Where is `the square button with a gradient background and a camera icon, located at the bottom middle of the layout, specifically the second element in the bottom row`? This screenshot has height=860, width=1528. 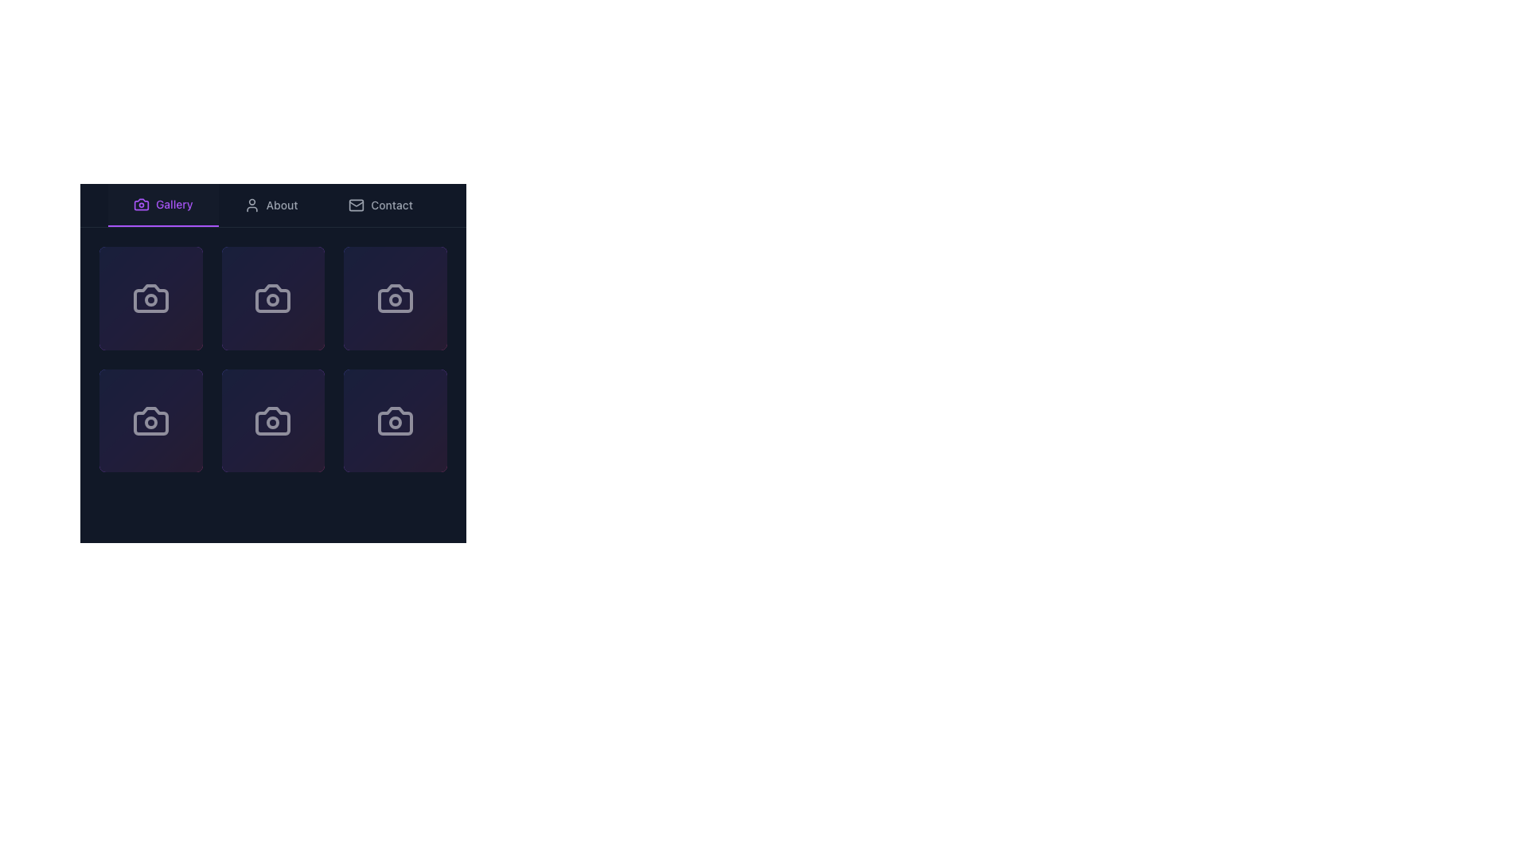
the square button with a gradient background and a camera icon, located at the bottom middle of the layout, specifically the second element in the bottom row is located at coordinates (273, 420).